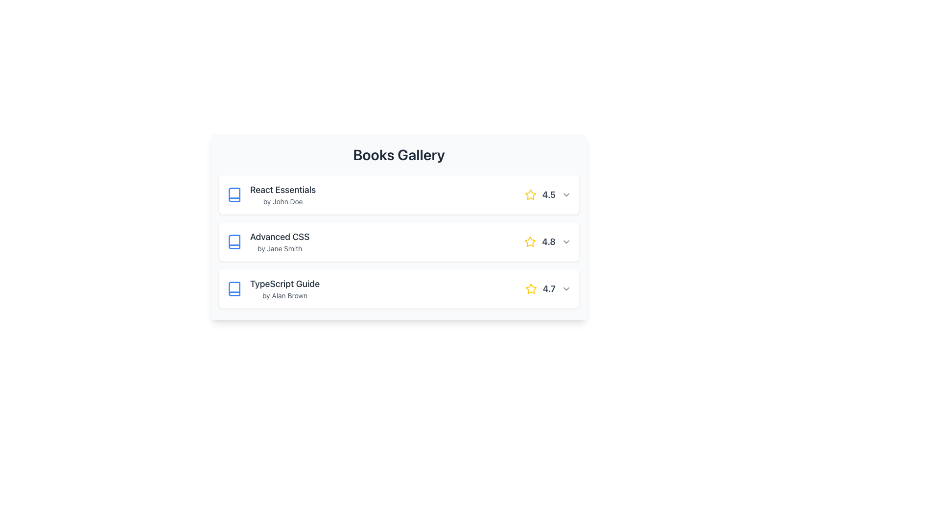  Describe the element at coordinates (234, 241) in the screenshot. I see `the blue book icon which is part of the 'Advanced CSS' entry in the list, located directly to the left of the text 'Advanced CSS' and 'by Jane Smith'` at that location.